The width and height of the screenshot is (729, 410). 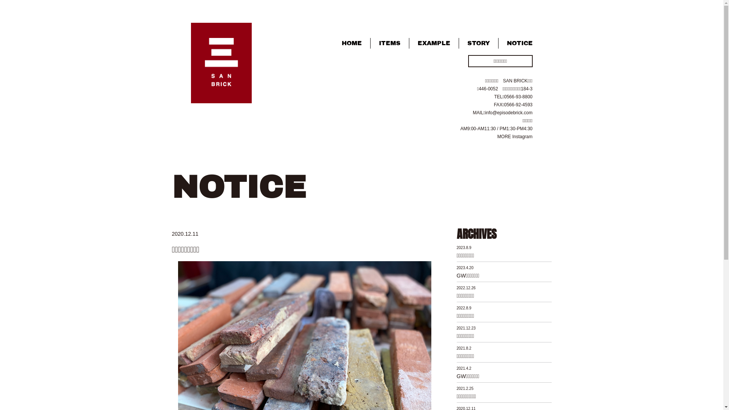 I want to click on 'EXAMPLE', so click(x=409, y=43).